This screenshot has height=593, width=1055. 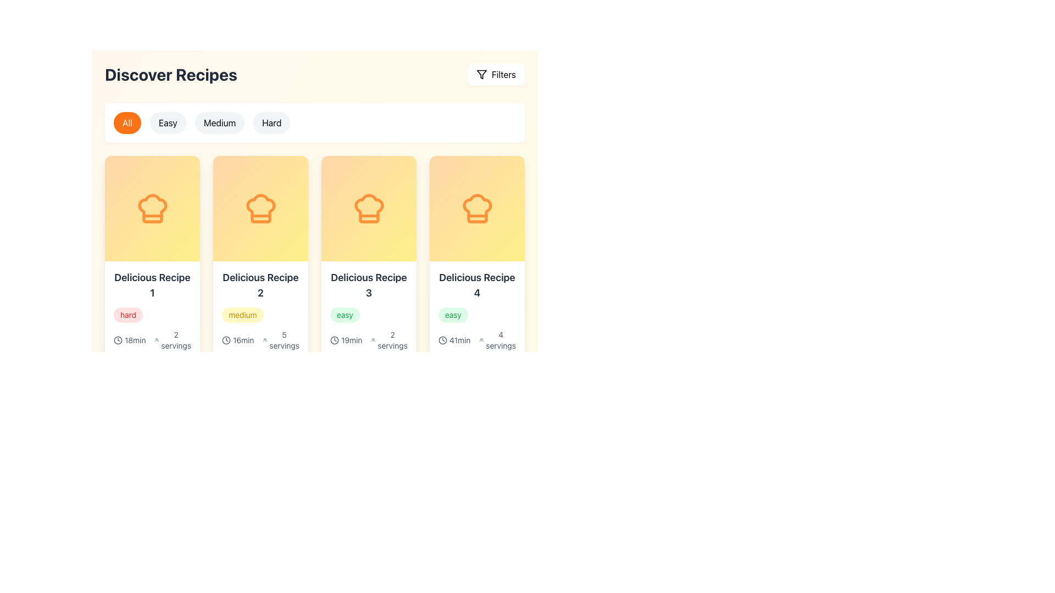 I want to click on the button labeled 'All', so click(x=127, y=122).